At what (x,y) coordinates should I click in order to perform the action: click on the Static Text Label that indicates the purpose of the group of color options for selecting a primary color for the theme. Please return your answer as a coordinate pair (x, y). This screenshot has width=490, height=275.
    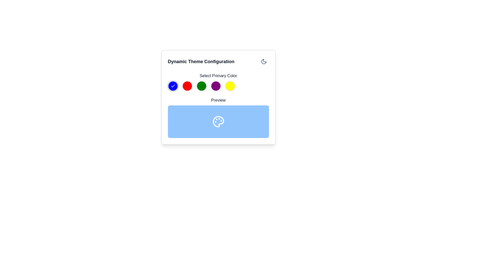
    Looking at the image, I should click on (218, 76).